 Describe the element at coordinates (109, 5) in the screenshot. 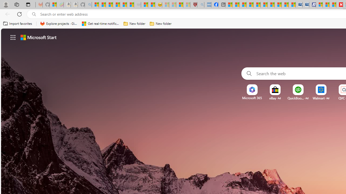

I see `'The Weather Channel - MSN'` at that location.